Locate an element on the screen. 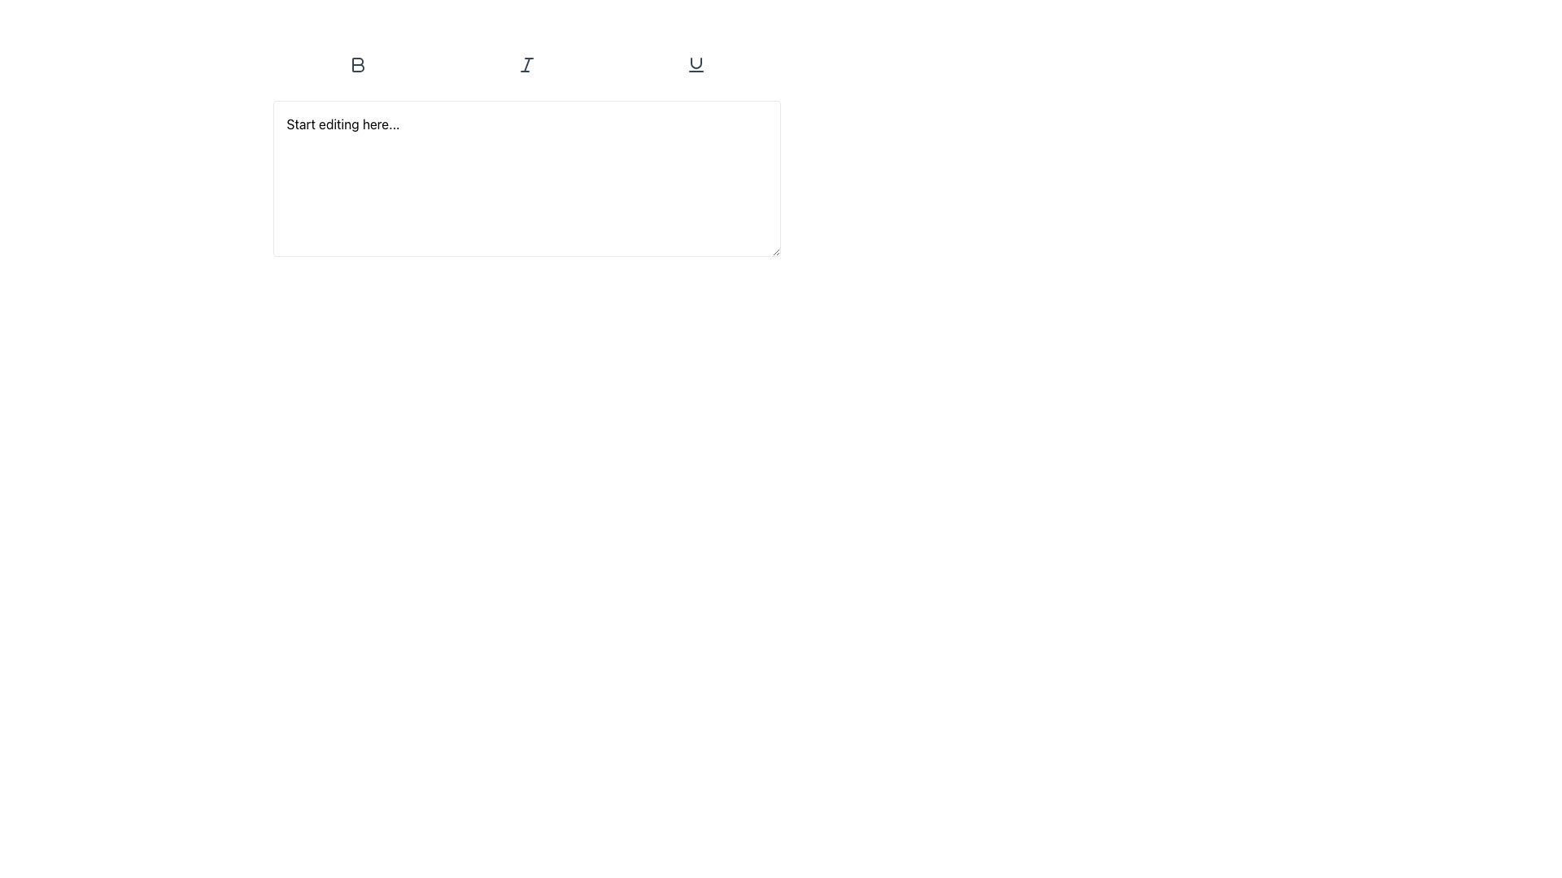 The width and height of the screenshot is (1562, 878). the middle icon for italicizing text formatting, which is positioned between the bold 'B' icon and the underlined 'U' icon is located at coordinates (526, 64).